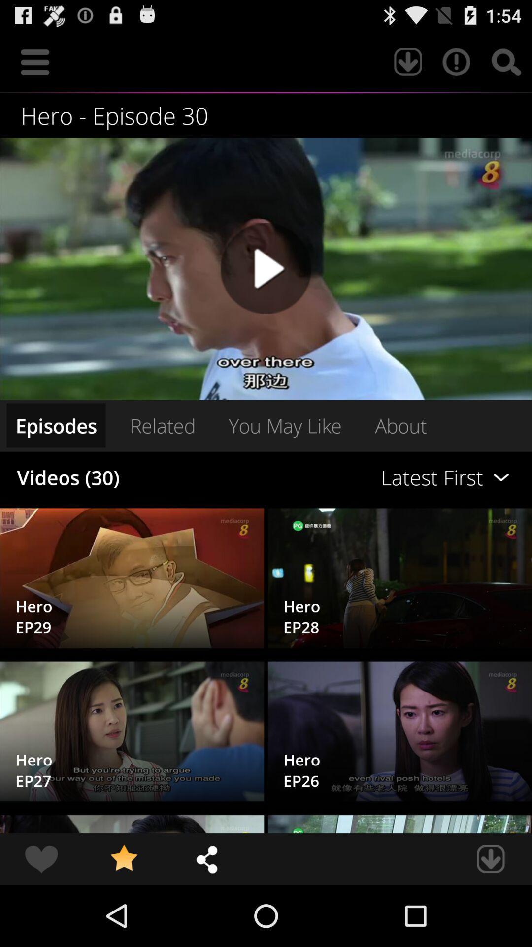  What do you see at coordinates (266, 287) in the screenshot?
I see `the play icon` at bounding box center [266, 287].